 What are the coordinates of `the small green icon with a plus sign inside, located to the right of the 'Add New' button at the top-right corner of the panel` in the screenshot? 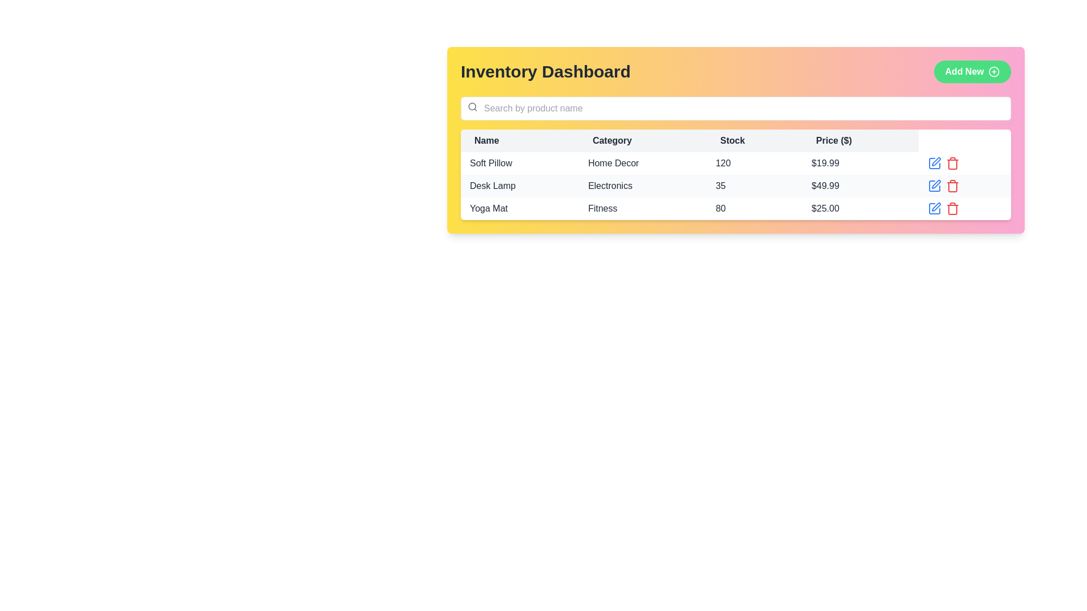 It's located at (994, 72).